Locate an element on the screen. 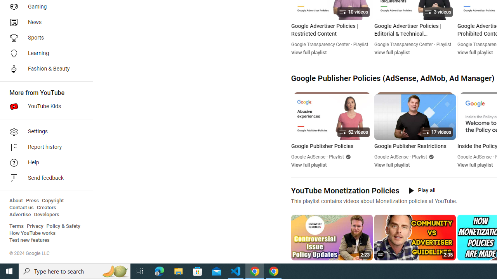 The height and width of the screenshot is (279, 497). 'Privacy' is located at coordinates (35, 226).